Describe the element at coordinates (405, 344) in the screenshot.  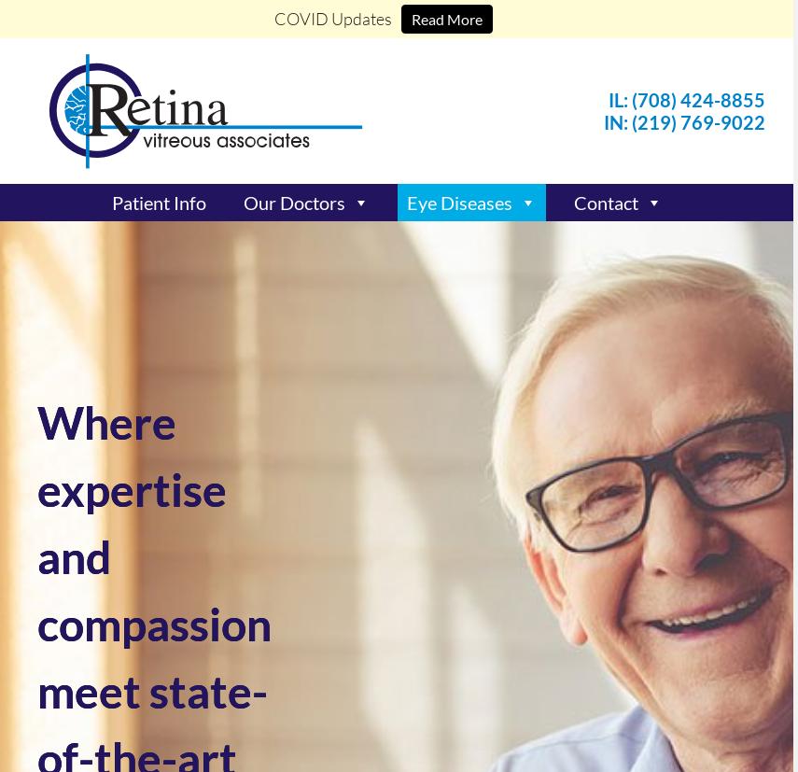
I see `'Flashes & Floaters'` at that location.